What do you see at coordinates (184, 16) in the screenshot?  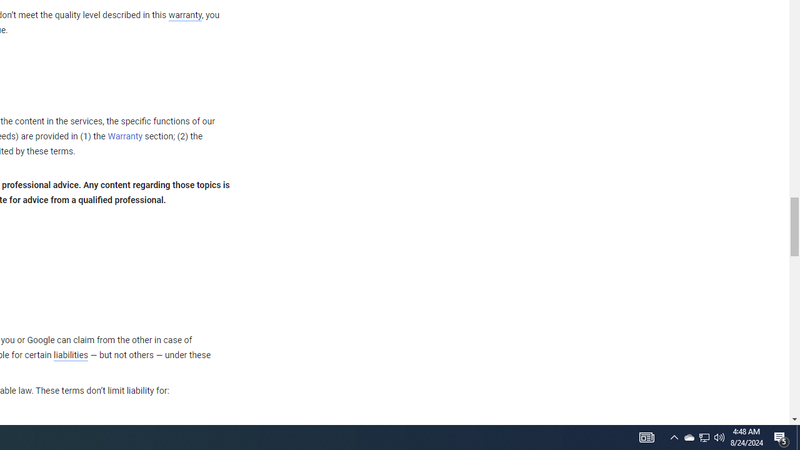 I see `'warranty'` at bounding box center [184, 16].